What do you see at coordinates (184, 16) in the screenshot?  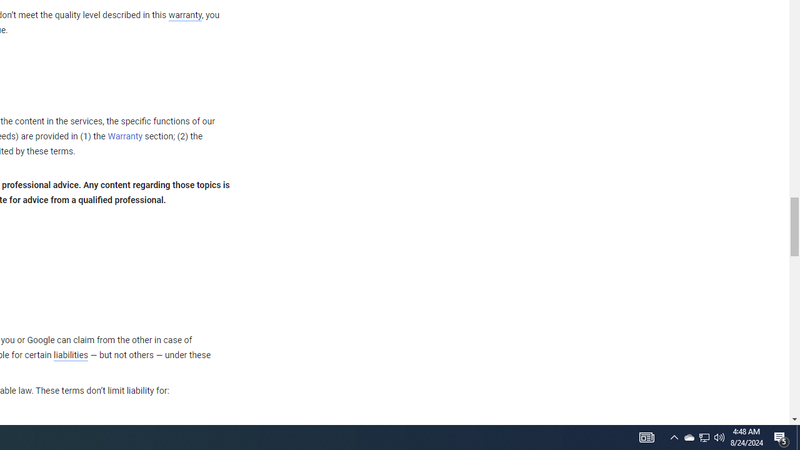 I see `'warranty'` at bounding box center [184, 16].